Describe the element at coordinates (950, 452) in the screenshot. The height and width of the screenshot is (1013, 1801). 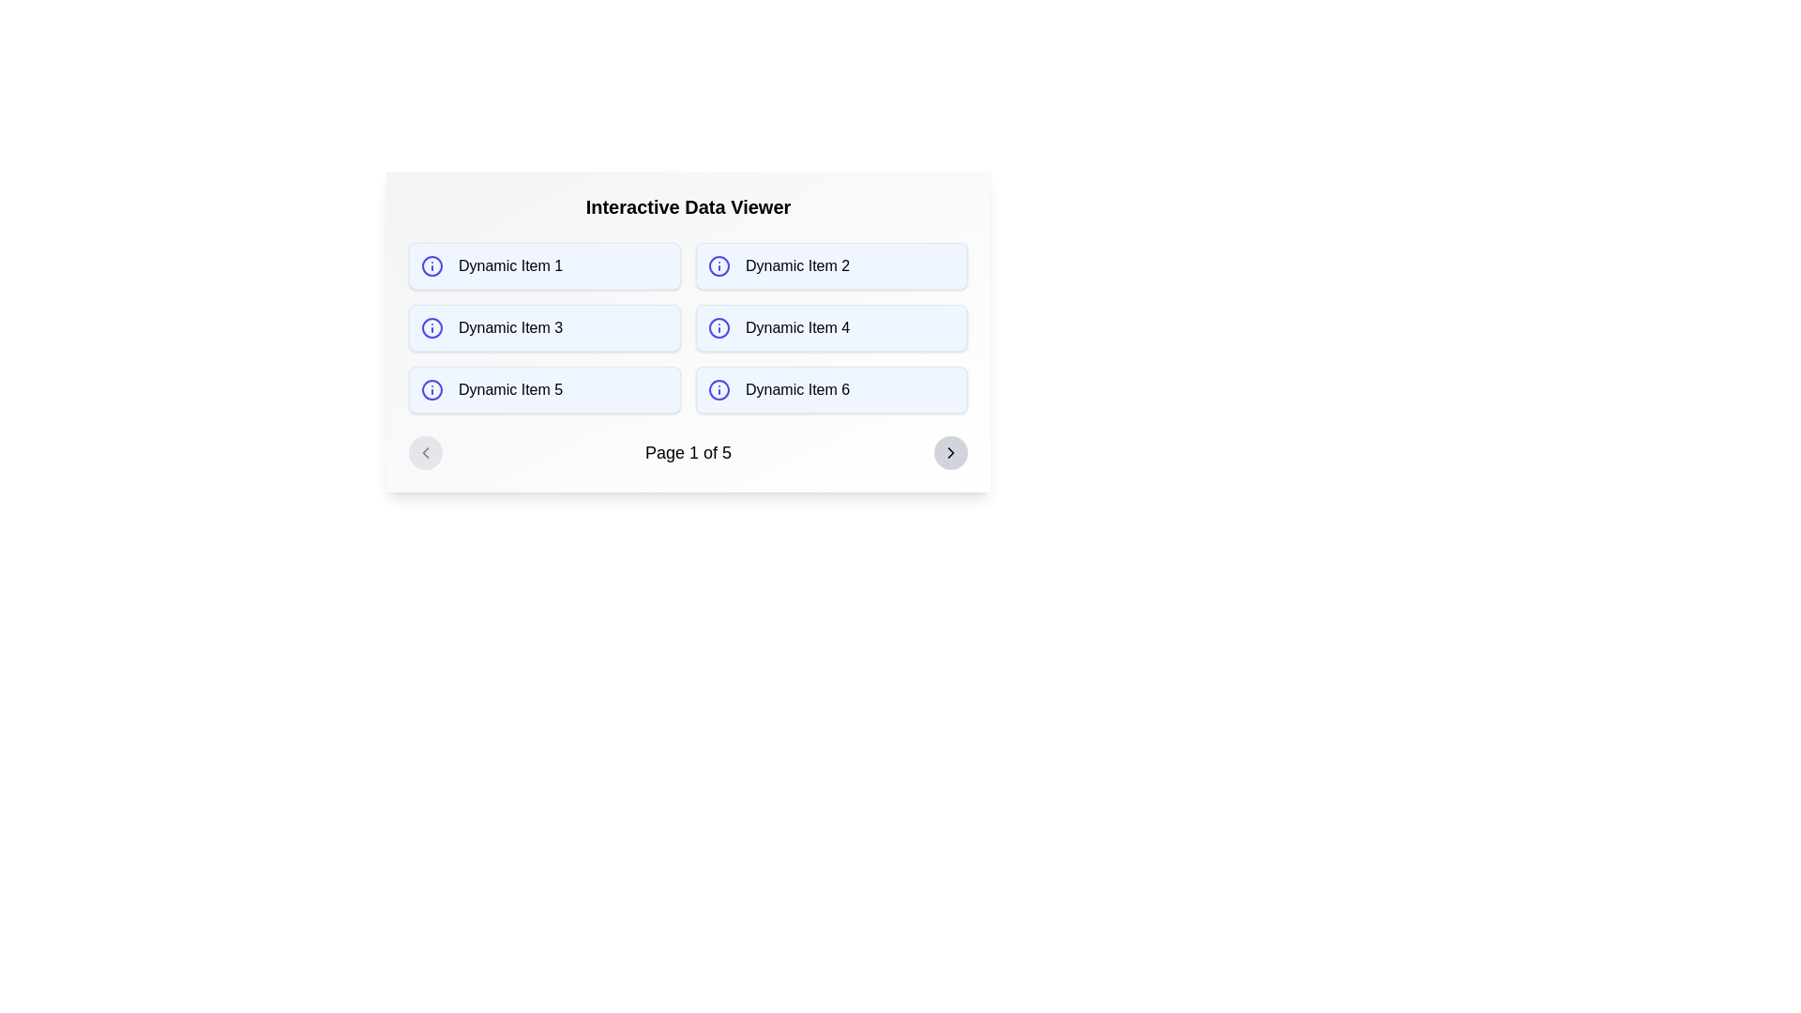
I see `the rightward navigation icon located inside the circular button in the bottom-right corner of the interface to receive visual feedback` at that location.